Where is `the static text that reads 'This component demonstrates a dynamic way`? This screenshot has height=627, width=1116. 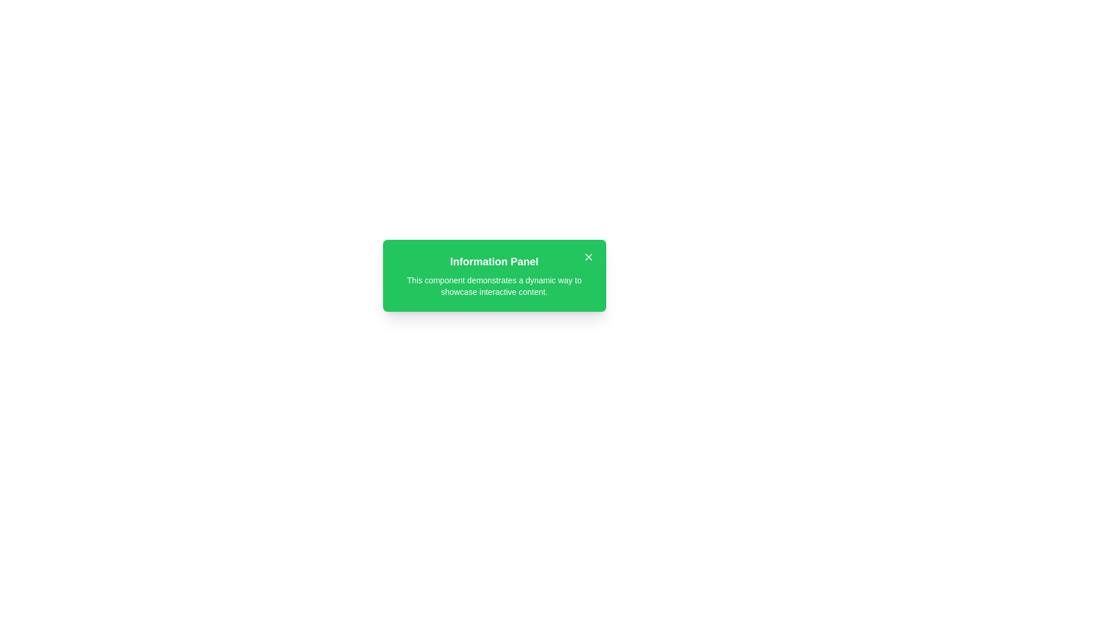
the static text that reads 'This component demonstrates a dynamic way is located at coordinates (494, 286).